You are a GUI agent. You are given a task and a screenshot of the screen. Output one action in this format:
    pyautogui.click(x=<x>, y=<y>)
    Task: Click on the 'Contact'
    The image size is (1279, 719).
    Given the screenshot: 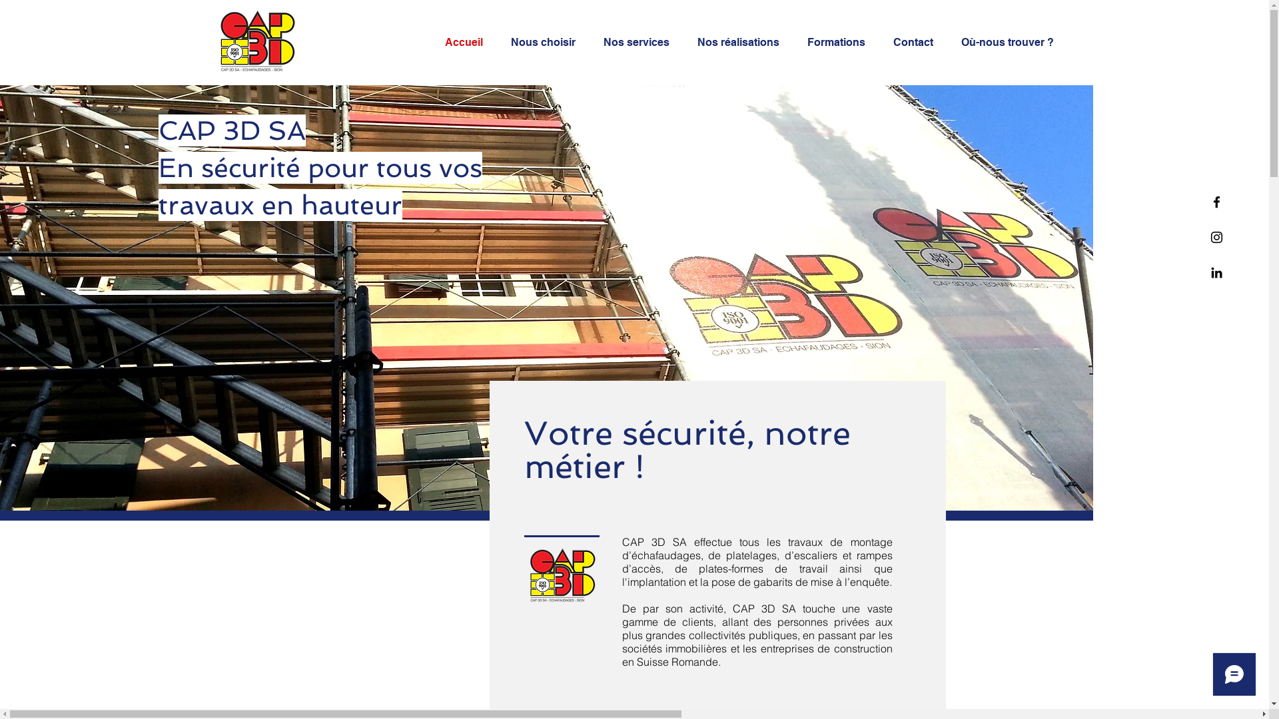 What is the action you would take?
    pyautogui.click(x=917, y=42)
    